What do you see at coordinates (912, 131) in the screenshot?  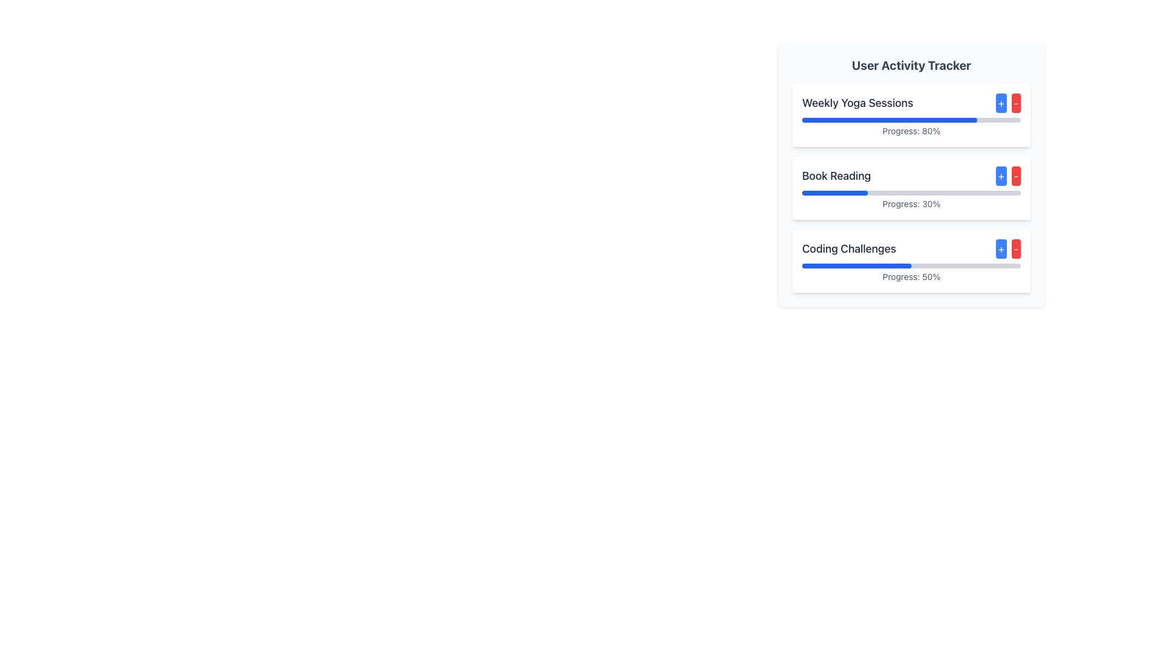 I see `text content of the progress percentage label displaying '80%' located below the blue progress indicator bar in the 'Weekly Yoga Sessions' section` at bounding box center [912, 131].